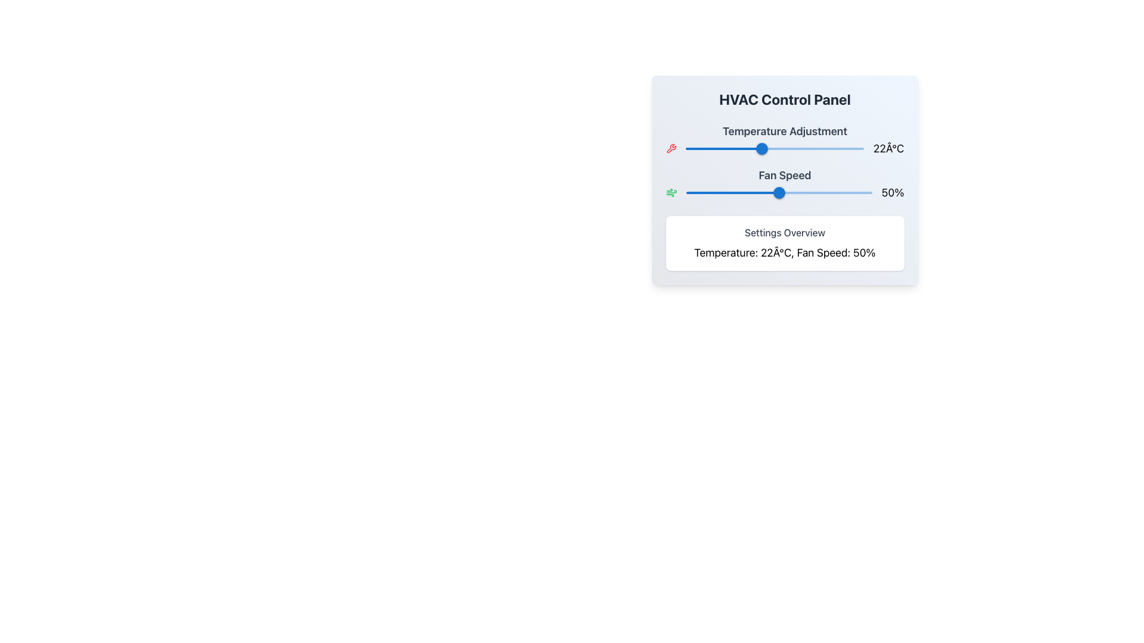 The height and width of the screenshot is (643, 1144). I want to click on the Text Label displaying '22°C', located to the right of the slider control in the 'Temperature Adjustment' section, so click(785, 148).